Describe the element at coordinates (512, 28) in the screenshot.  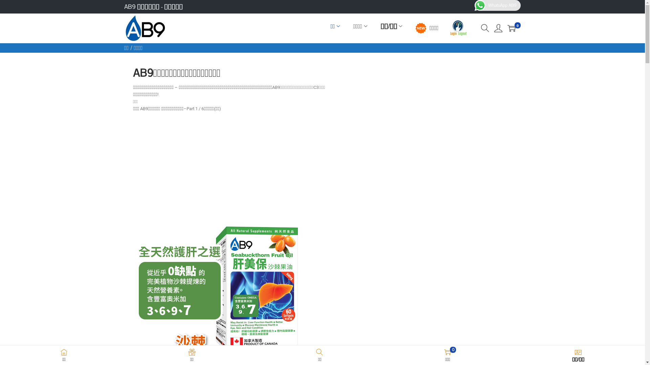
I see `'0'` at that location.